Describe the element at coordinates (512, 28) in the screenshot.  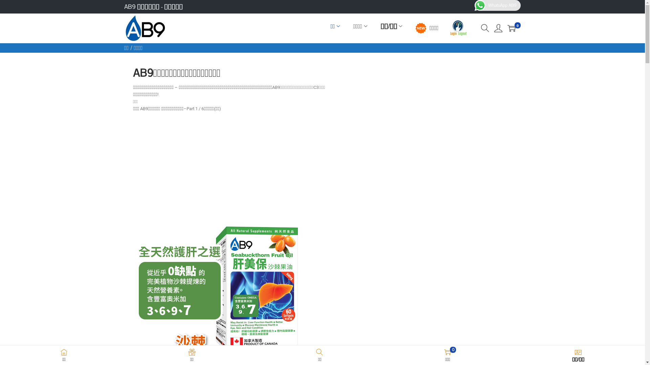
I see `'0'` at that location.